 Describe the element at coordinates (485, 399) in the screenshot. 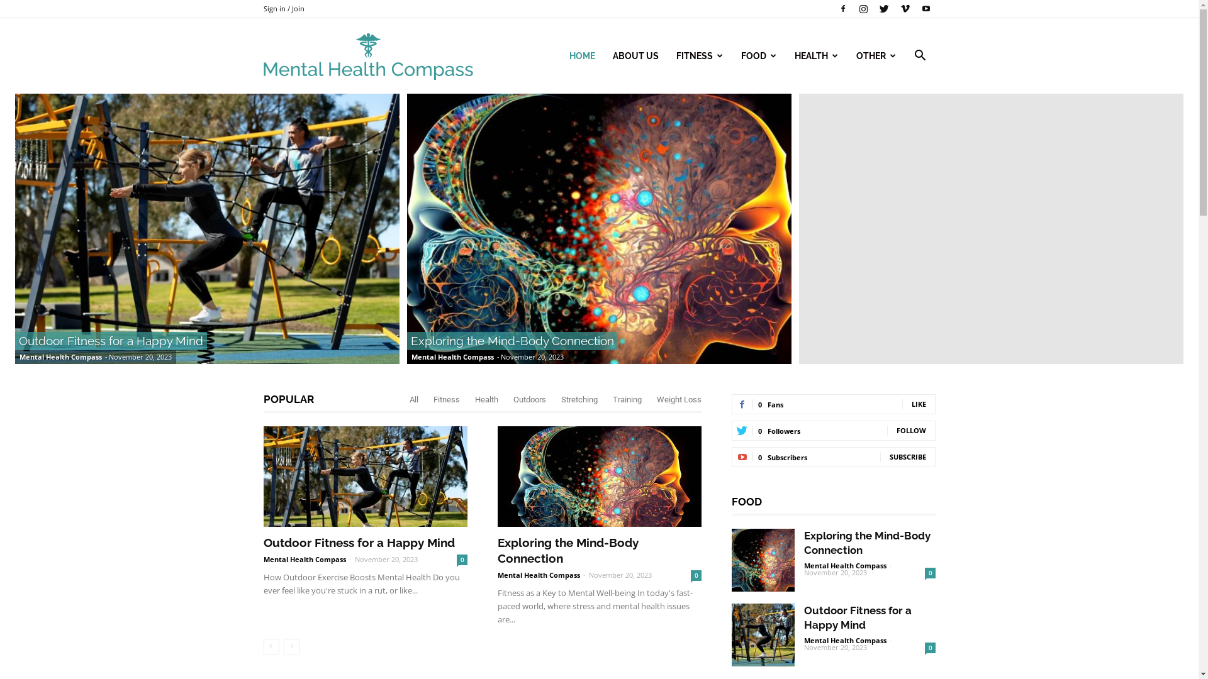

I see `'Health'` at that location.